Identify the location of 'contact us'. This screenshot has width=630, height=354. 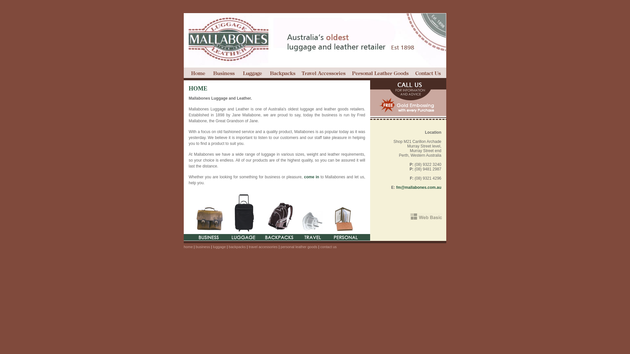
(429, 74).